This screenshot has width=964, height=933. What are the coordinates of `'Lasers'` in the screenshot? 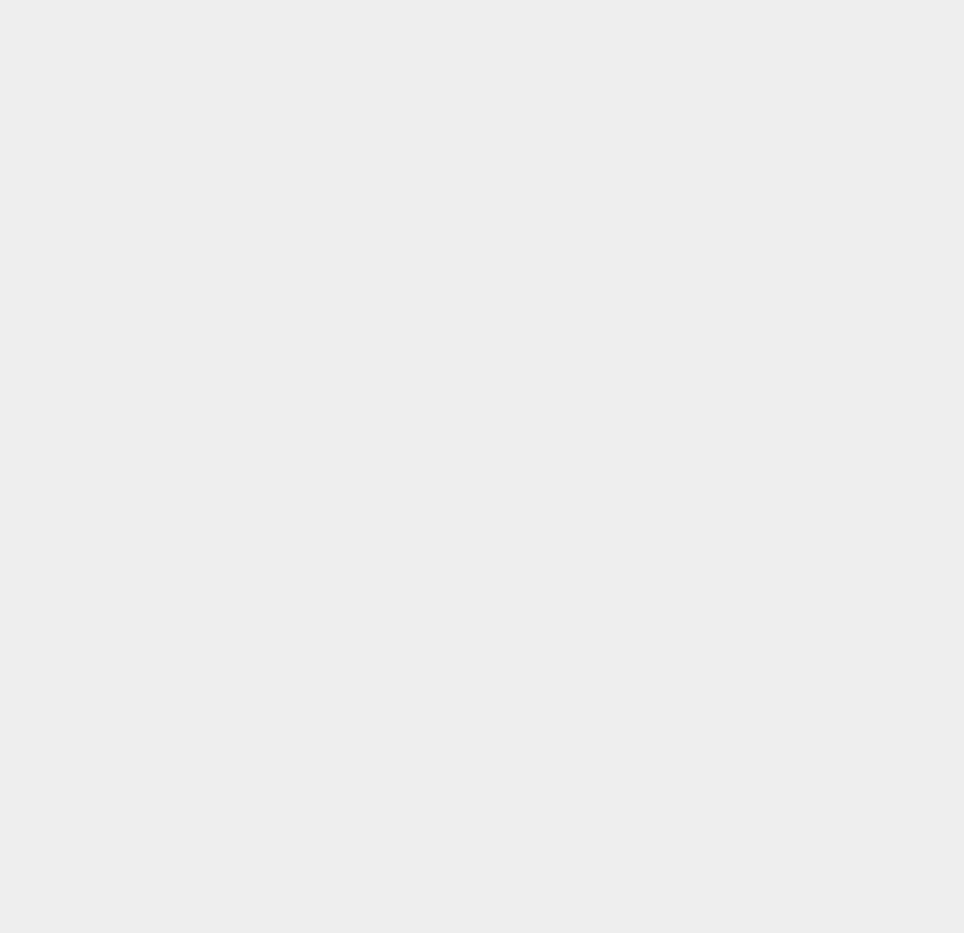 It's located at (700, 895).